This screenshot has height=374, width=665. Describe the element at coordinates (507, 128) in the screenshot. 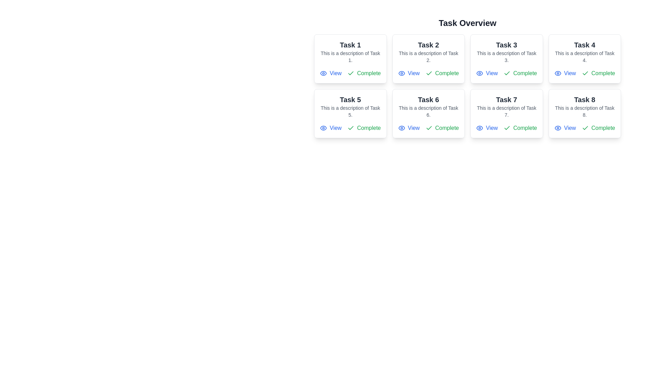

I see `the checkmark vector graphic within the 'Task Overview' section, indicating task completion for the associated task in the second column of the first row` at that location.